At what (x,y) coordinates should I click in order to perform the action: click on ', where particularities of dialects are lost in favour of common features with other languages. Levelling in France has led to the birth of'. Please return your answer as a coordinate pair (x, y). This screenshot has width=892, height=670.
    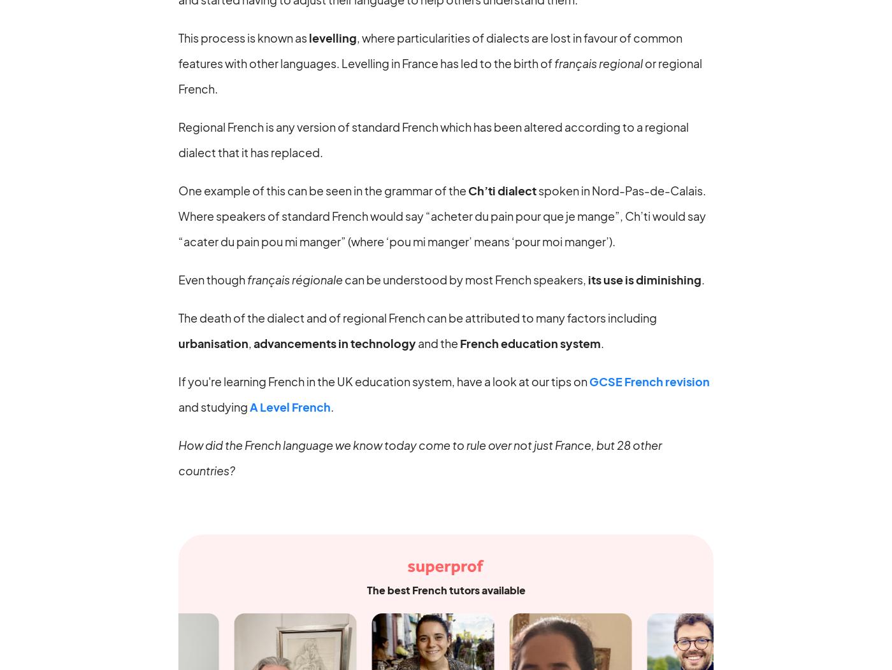
    Looking at the image, I should click on (430, 49).